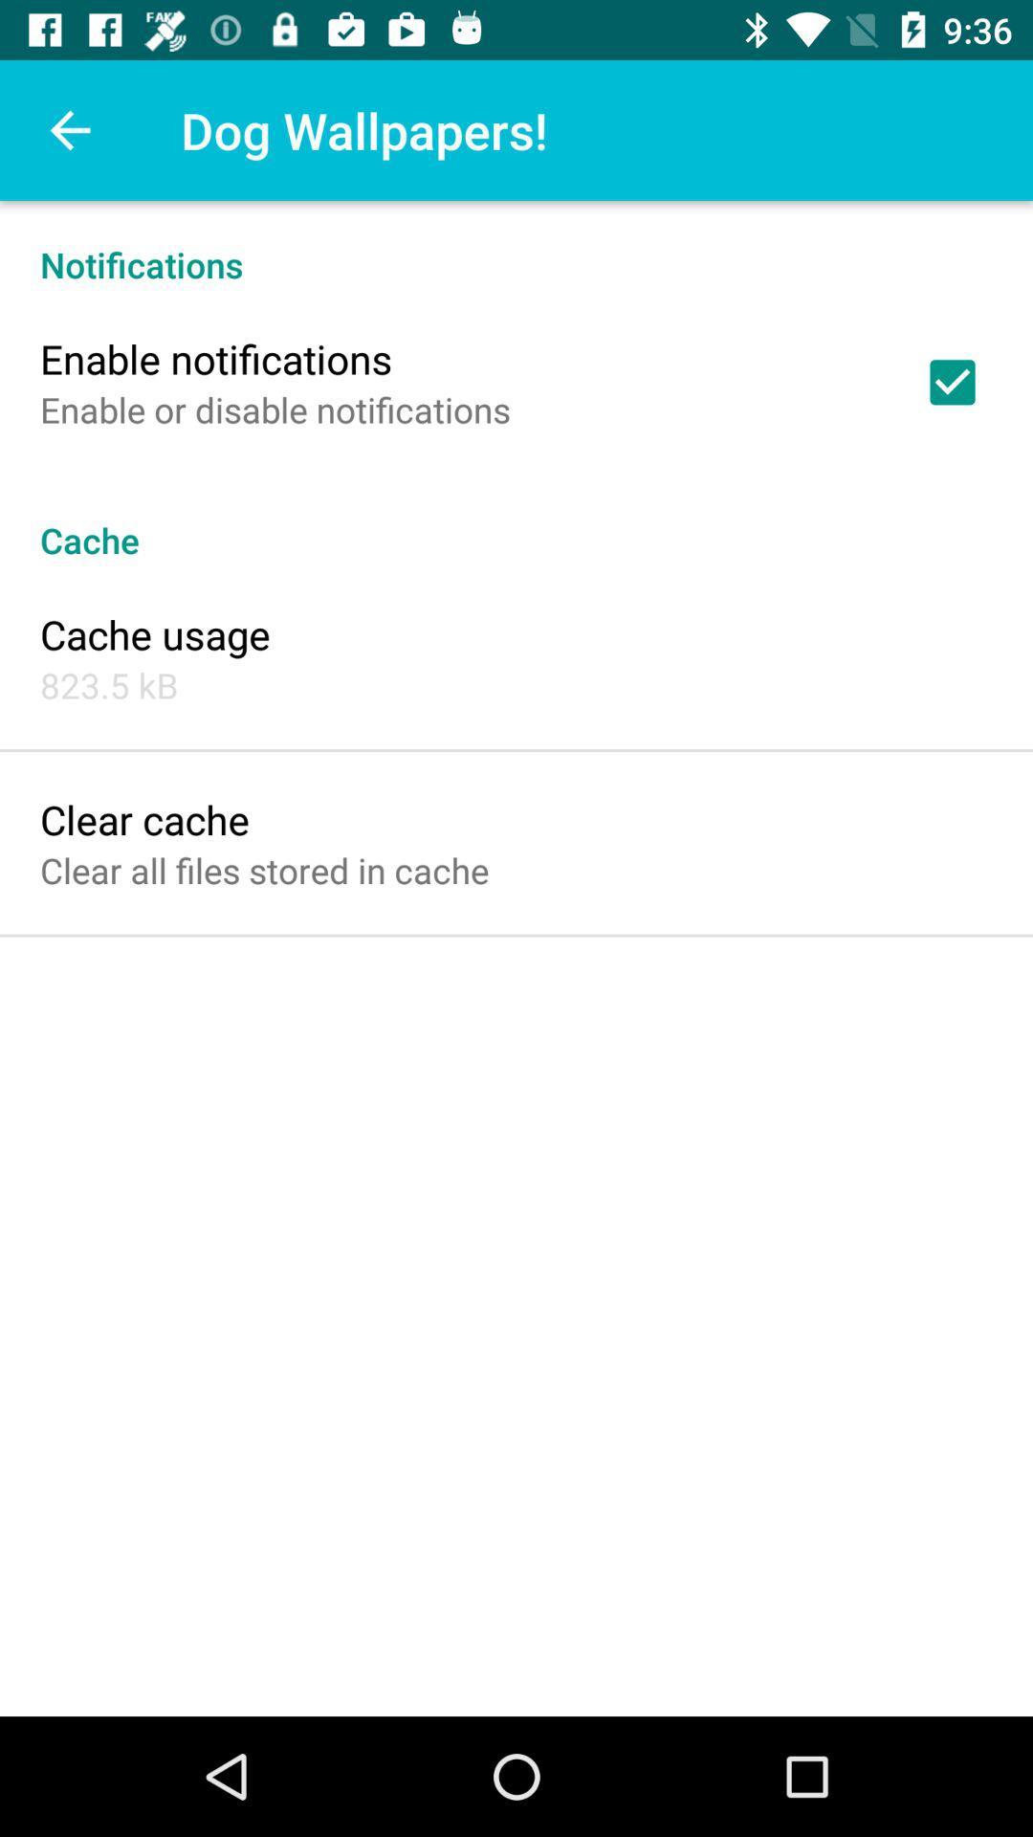 This screenshot has height=1837, width=1033. What do you see at coordinates (154, 633) in the screenshot?
I see `item above 823.5 kb icon` at bounding box center [154, 633].